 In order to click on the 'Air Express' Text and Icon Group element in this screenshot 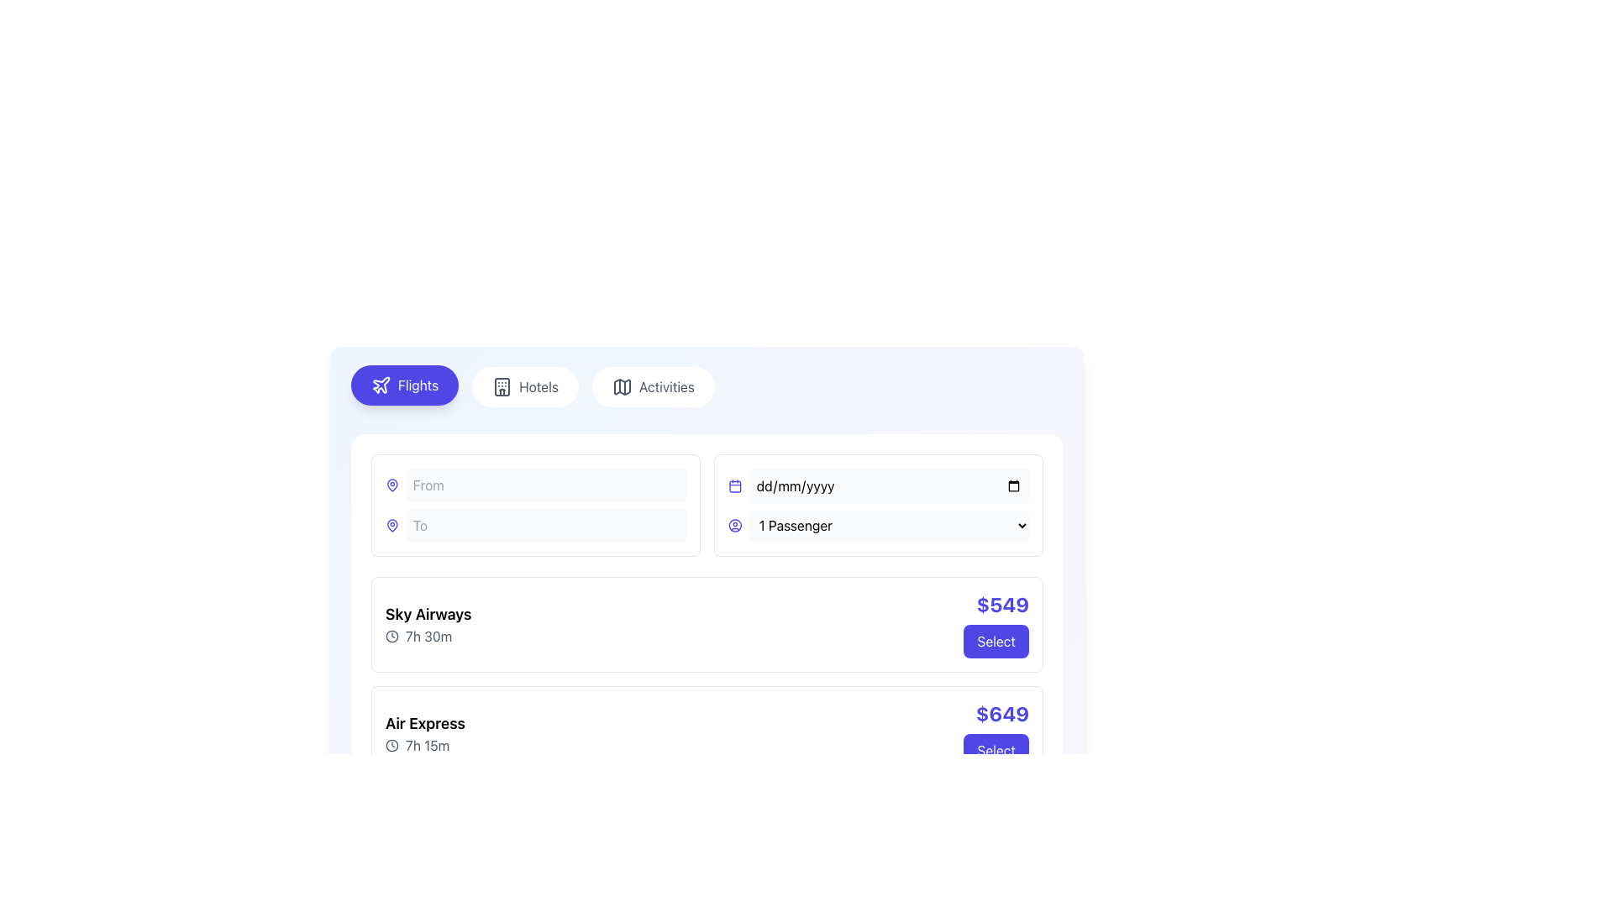, I will do `click(425, 733)`.